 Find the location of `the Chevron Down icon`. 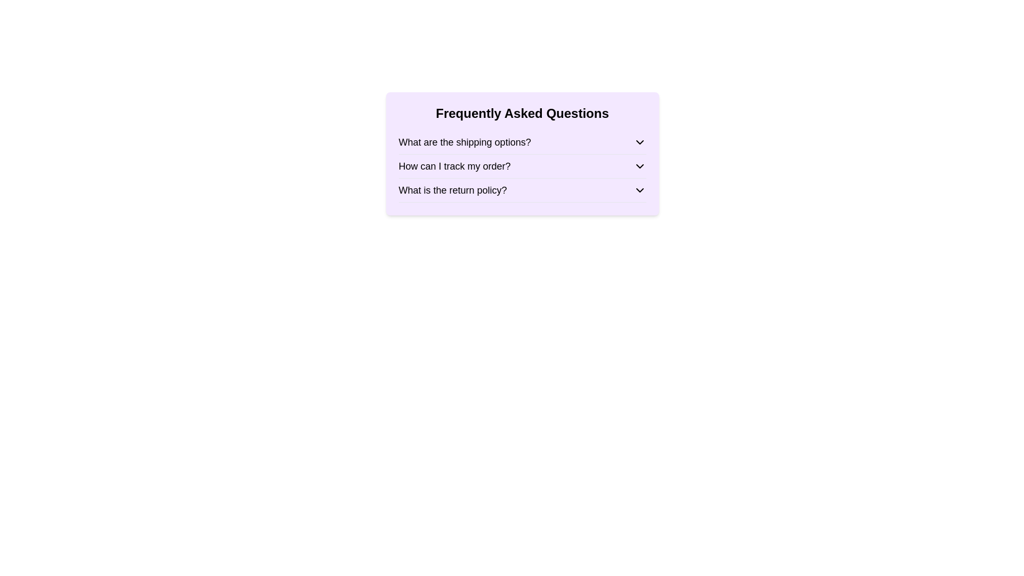

the Chevron Down icon is located at coordinates (639, 166).